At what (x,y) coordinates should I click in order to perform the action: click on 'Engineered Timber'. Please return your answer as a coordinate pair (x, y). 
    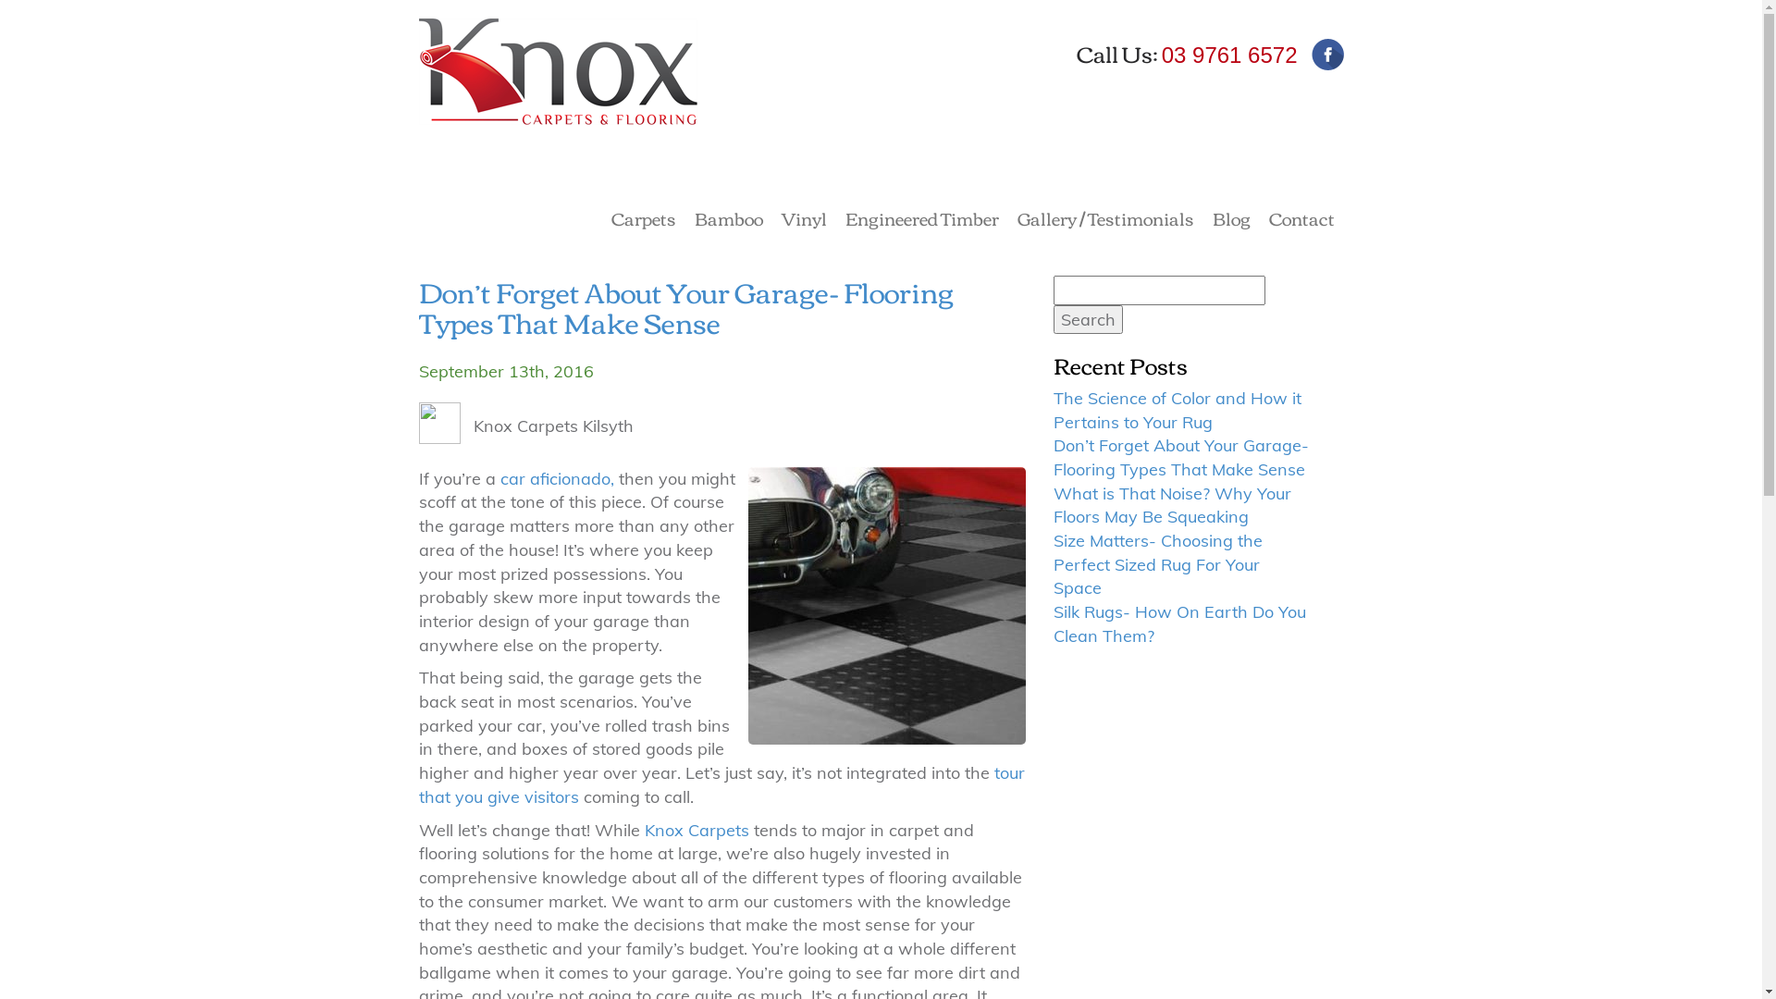
    Looking at the image, I should click on (922, 220).